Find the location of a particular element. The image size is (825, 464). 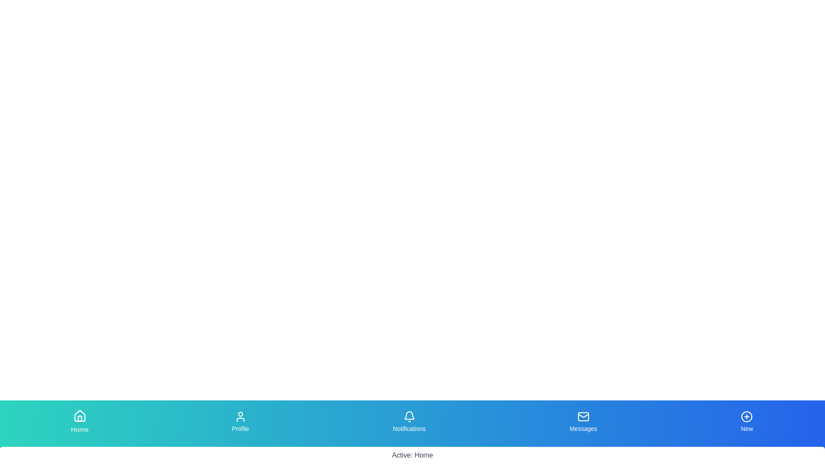

the tab labeled Profile to observe the scaling effect is located at coordinates (240, 421).